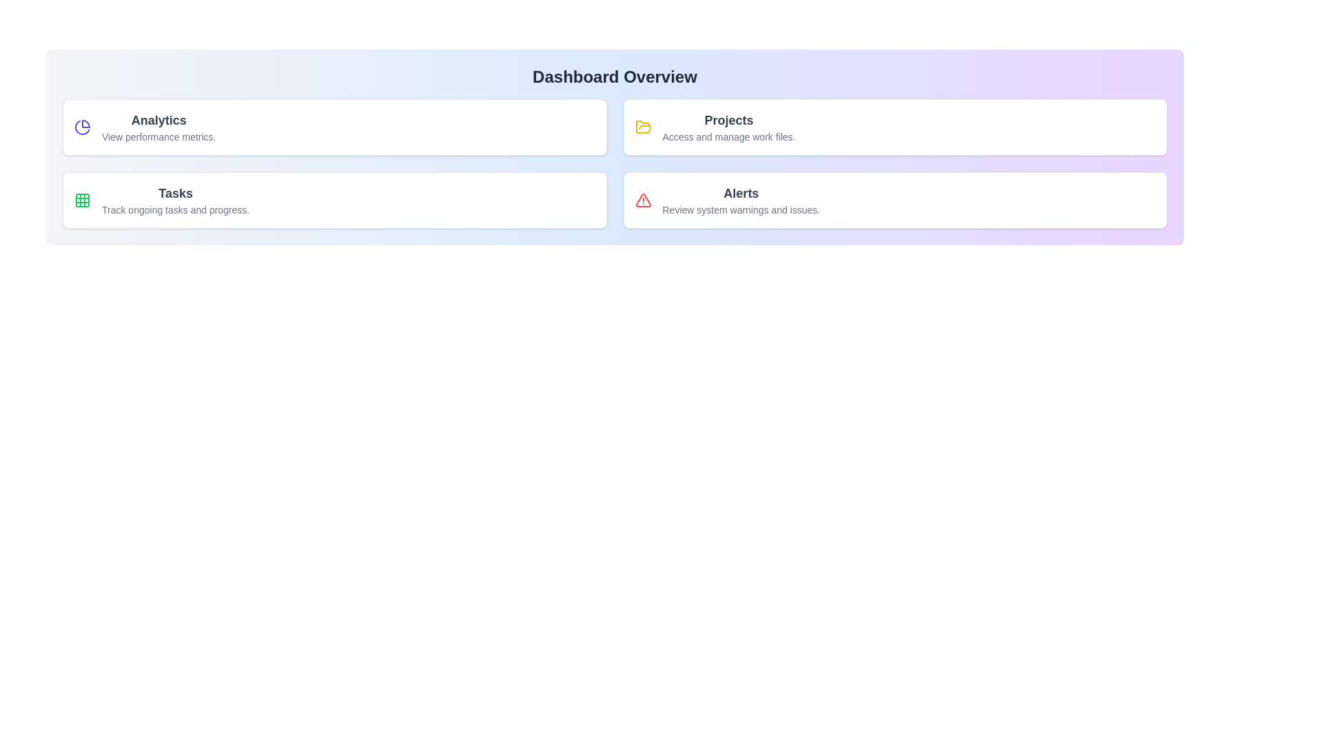 The height and width of the screenshot is (744, 1323). What do you see at coordinates (895, 127) in the screenshot?
I see `the menu item corresponding to Projects to navigate to the respective section` at bounding box center [895, 127].